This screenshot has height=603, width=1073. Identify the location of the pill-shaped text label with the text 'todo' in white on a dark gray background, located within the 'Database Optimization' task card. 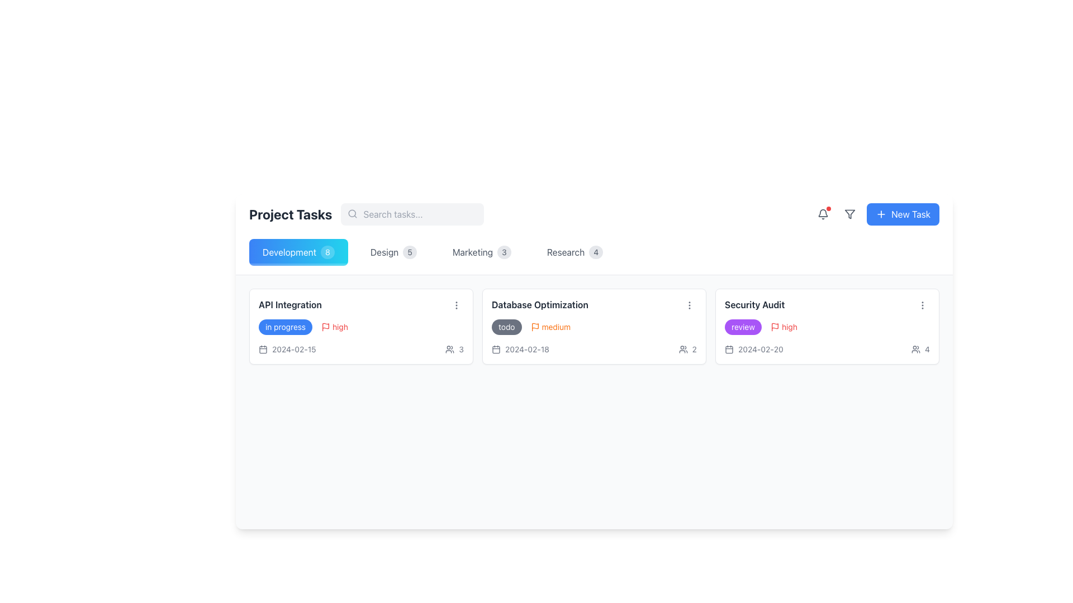
(506, 327).